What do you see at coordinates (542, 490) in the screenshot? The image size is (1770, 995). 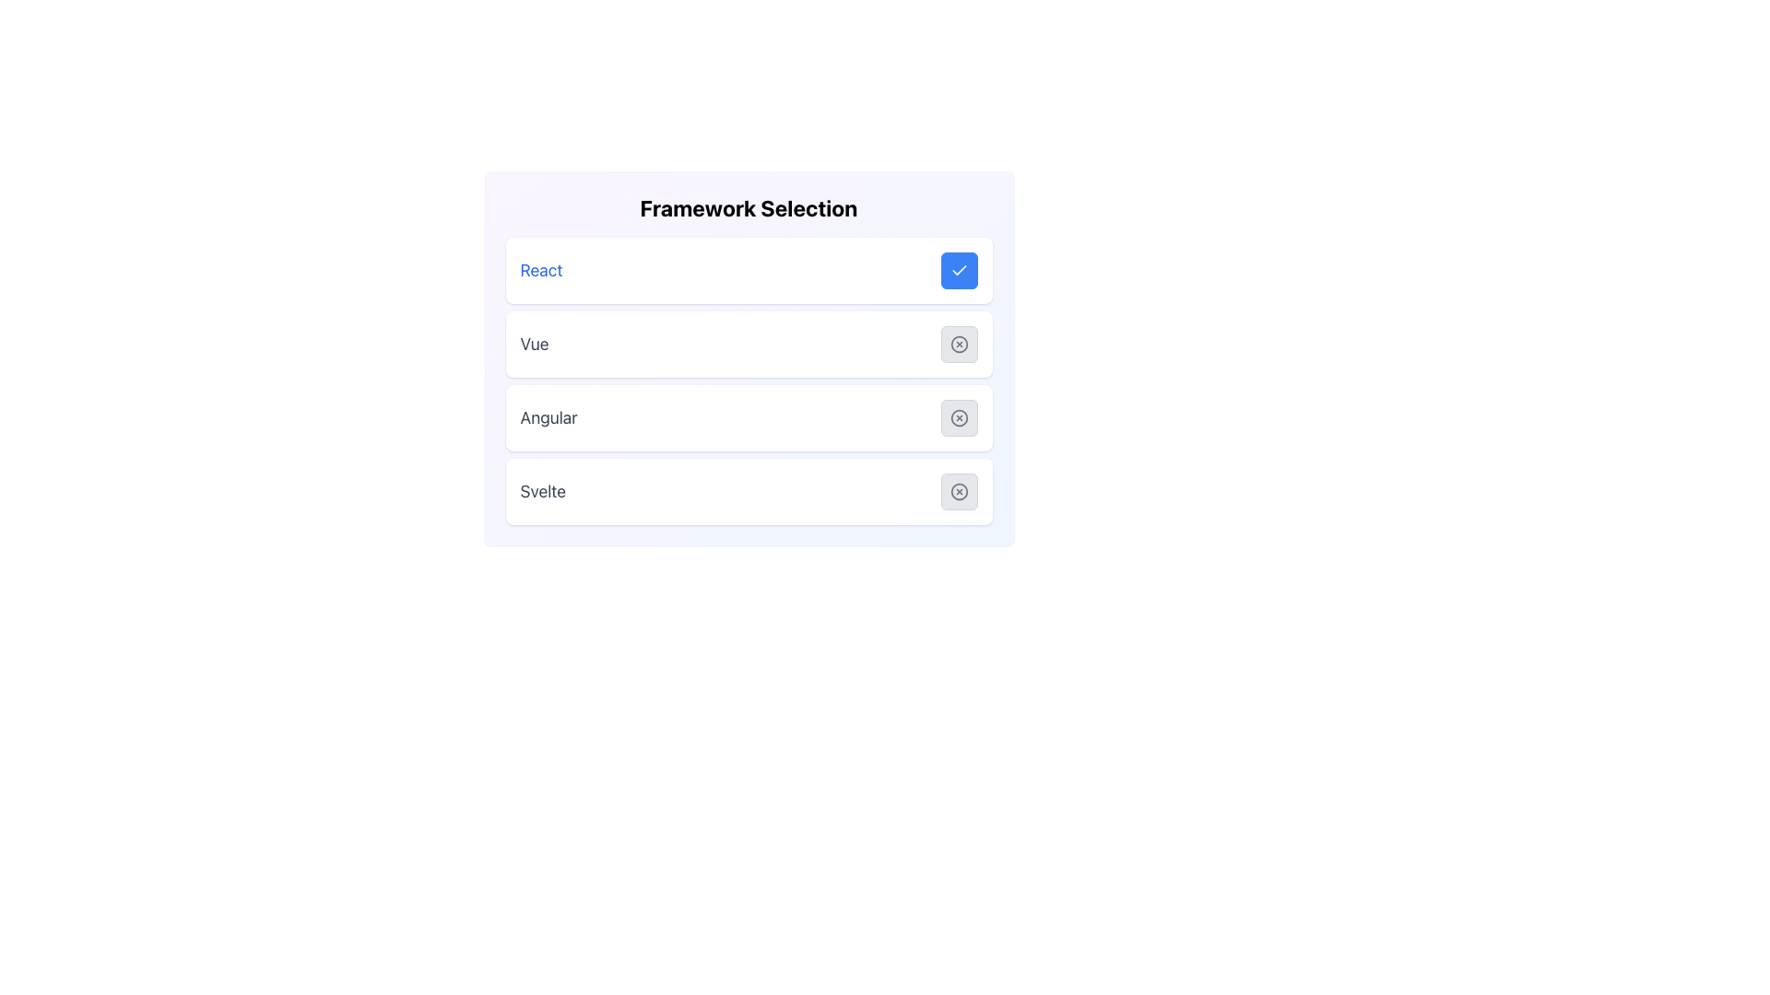 I see `the 'Svelte' text label within the fourth card of the vertically stacked list of framework names` at bounding box center [542, 490].